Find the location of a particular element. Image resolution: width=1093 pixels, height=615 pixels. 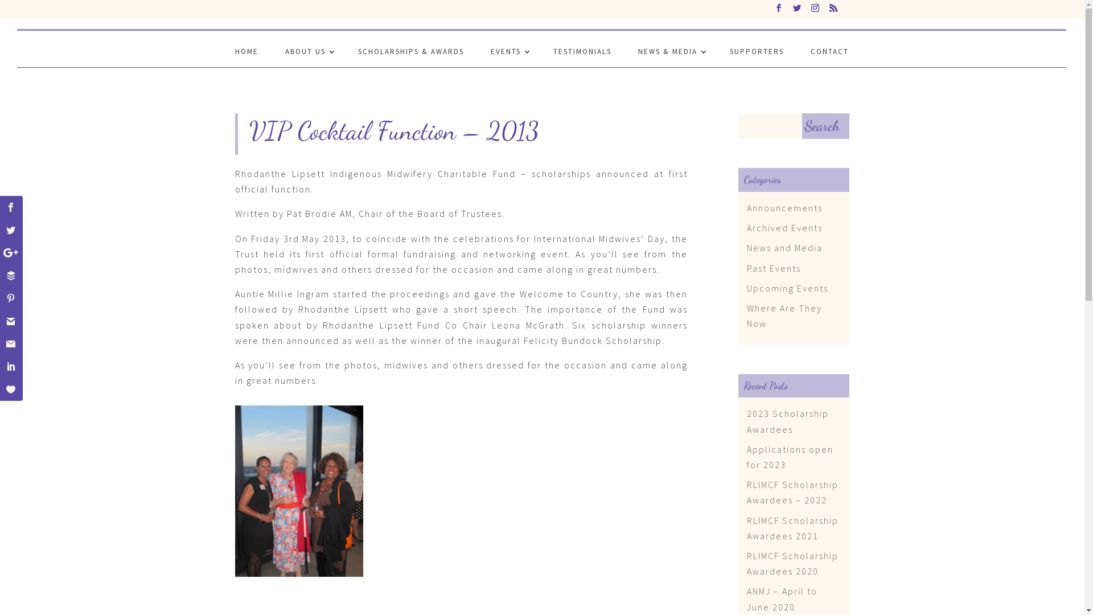

'Archived Events' is located at coordinates (784, 228).